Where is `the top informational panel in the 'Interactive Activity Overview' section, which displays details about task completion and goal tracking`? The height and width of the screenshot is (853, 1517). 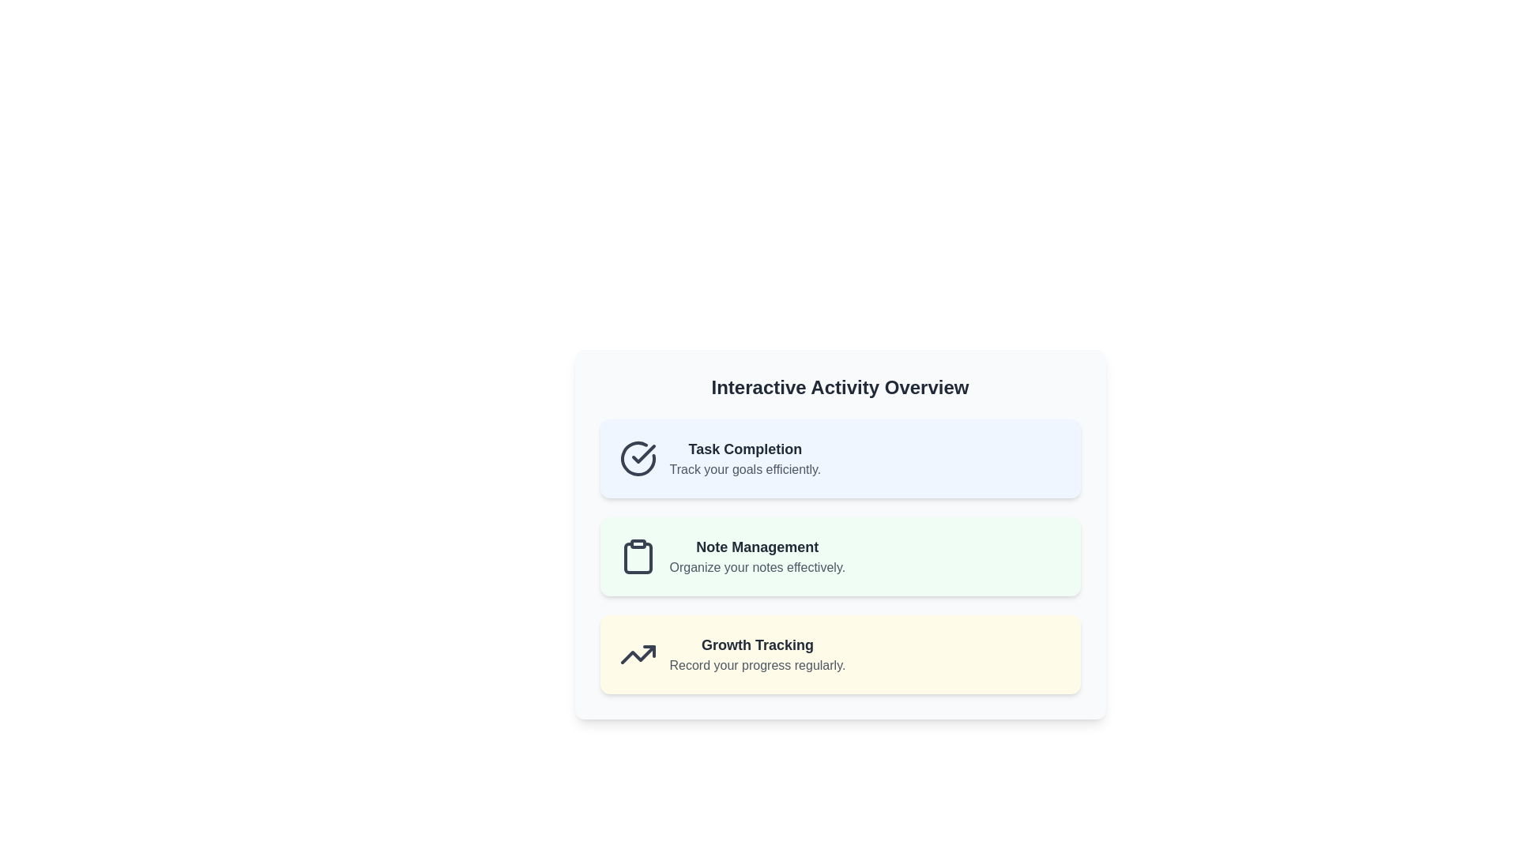 the top informational panel in the 'Interactive Activity Overview' section, which displays details about task completion and goal tracking is located at coordinates (839, 459).